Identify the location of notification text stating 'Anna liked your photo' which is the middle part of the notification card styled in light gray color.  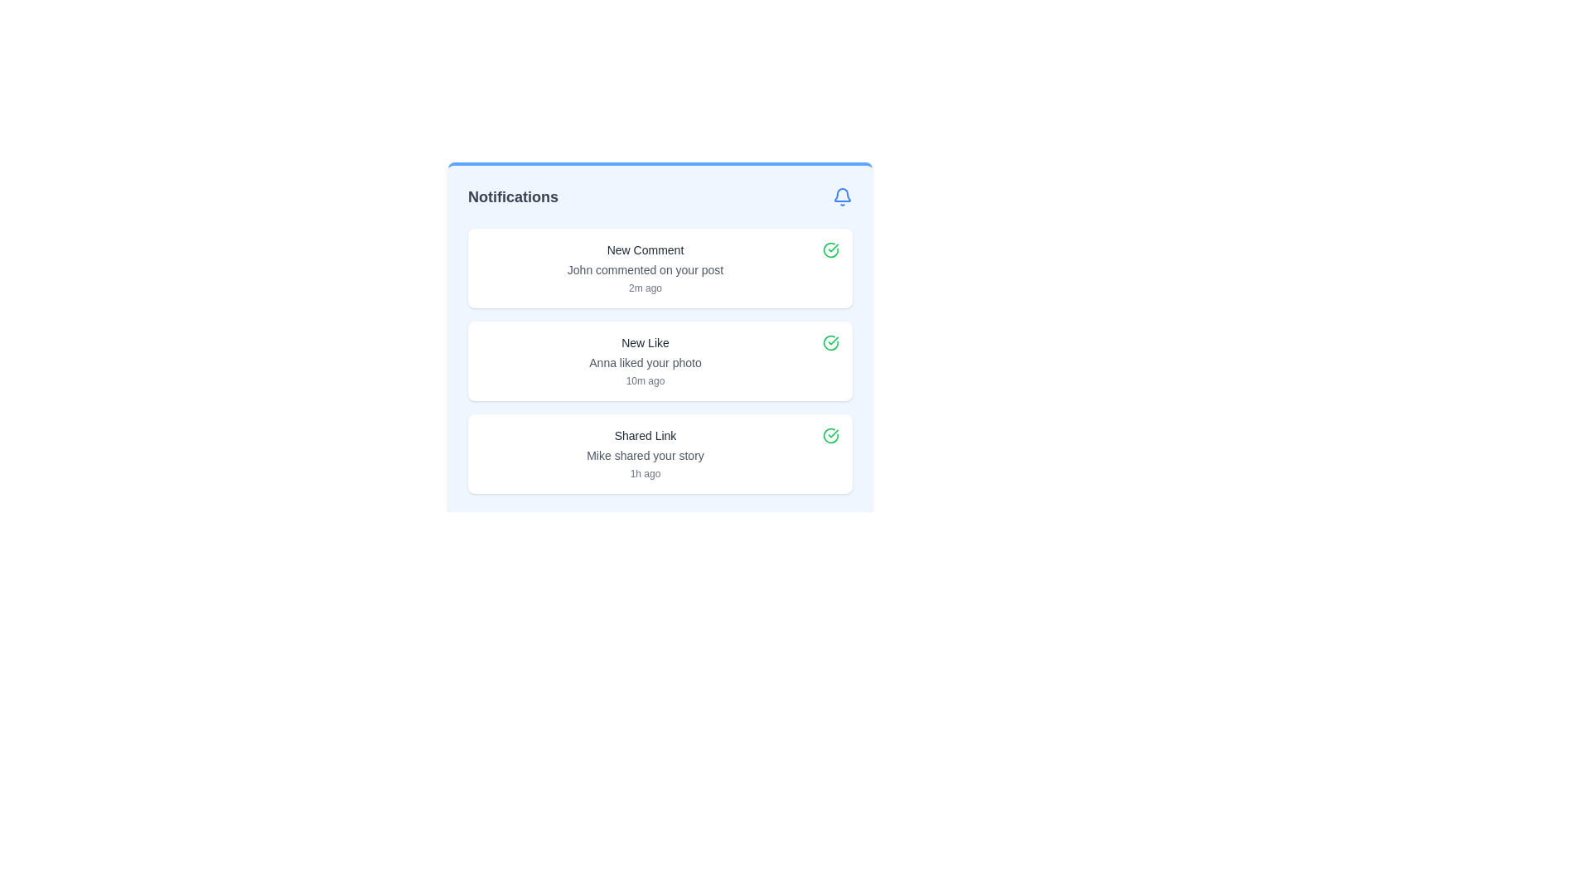
(644, 362).